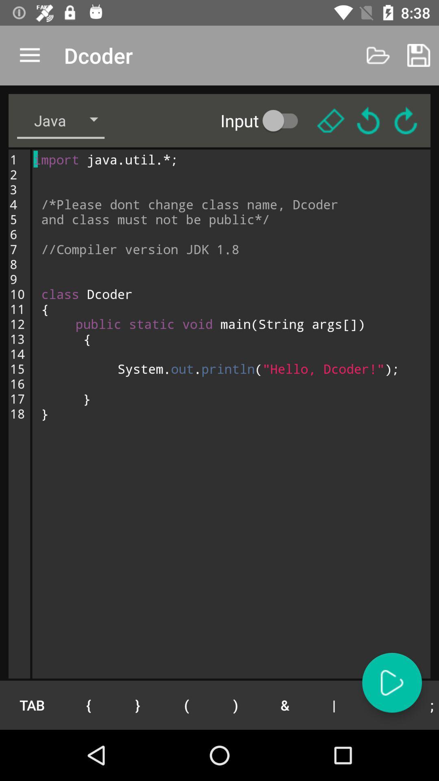 Image resolution: width=439 pixels, height=781 pixels. Describe the element at coordinates (391, 683) in the screenshot. I see `play` at that location.